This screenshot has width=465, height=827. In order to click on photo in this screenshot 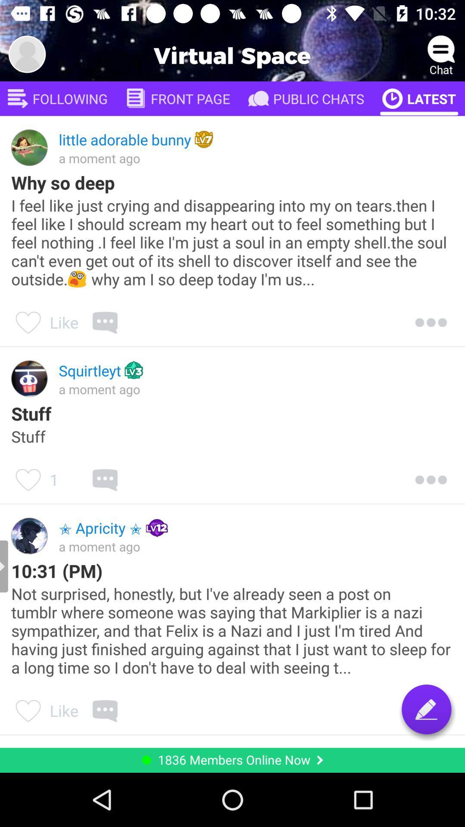, I will do `click(26, 53)`.